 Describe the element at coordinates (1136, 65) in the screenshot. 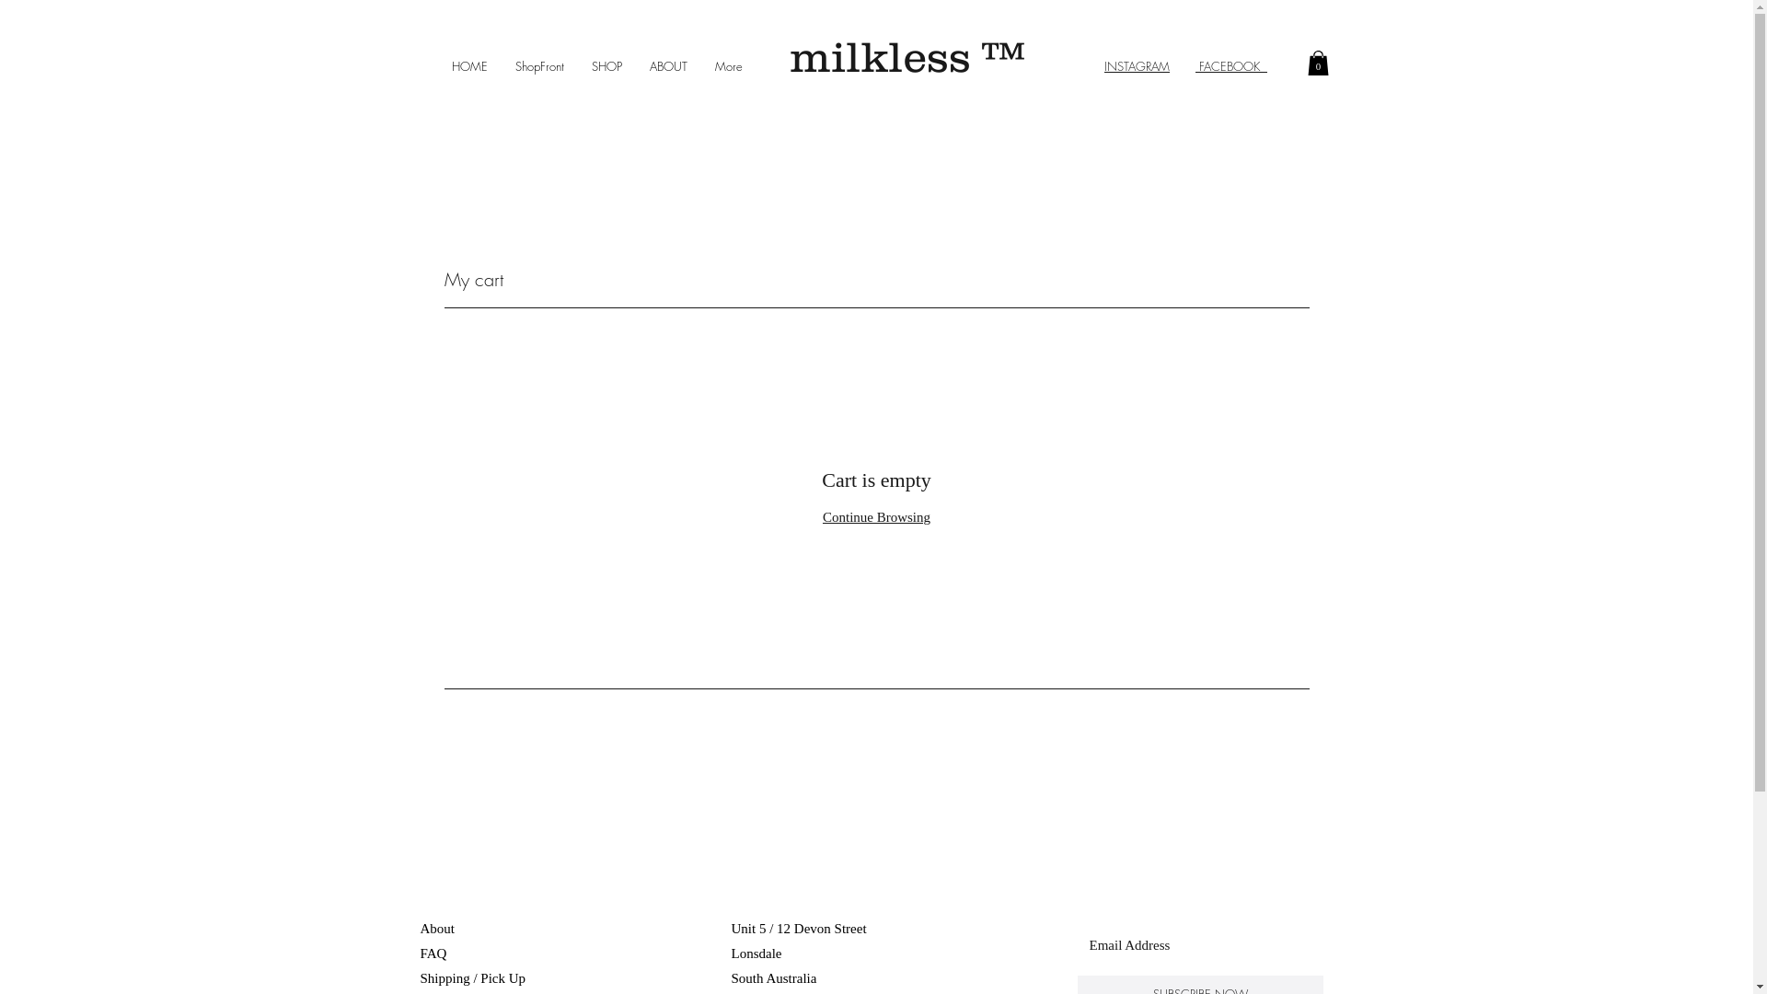

I see `'INSTAGRAM'` at that location.